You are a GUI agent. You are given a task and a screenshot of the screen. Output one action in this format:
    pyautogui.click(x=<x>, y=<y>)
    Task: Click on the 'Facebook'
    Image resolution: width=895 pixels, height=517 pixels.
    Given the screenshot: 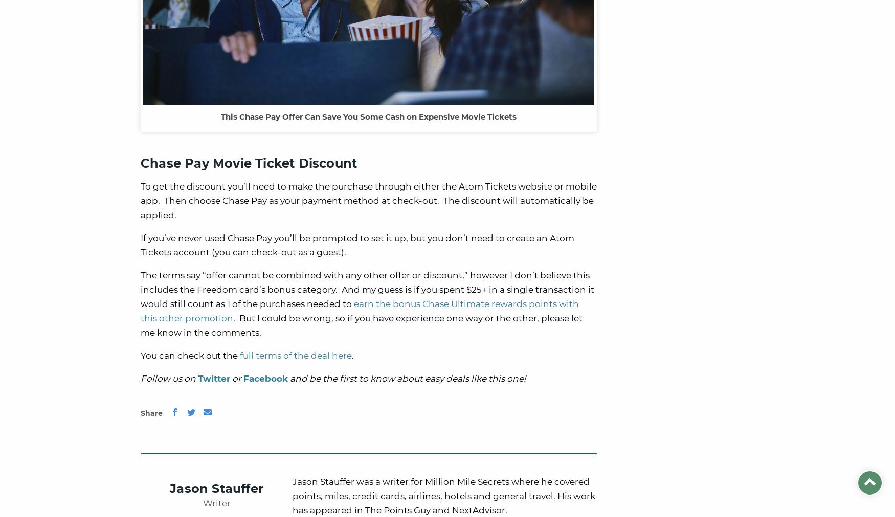 What is the action you would take?
    pyautogui.click(x=265, y=378)
    